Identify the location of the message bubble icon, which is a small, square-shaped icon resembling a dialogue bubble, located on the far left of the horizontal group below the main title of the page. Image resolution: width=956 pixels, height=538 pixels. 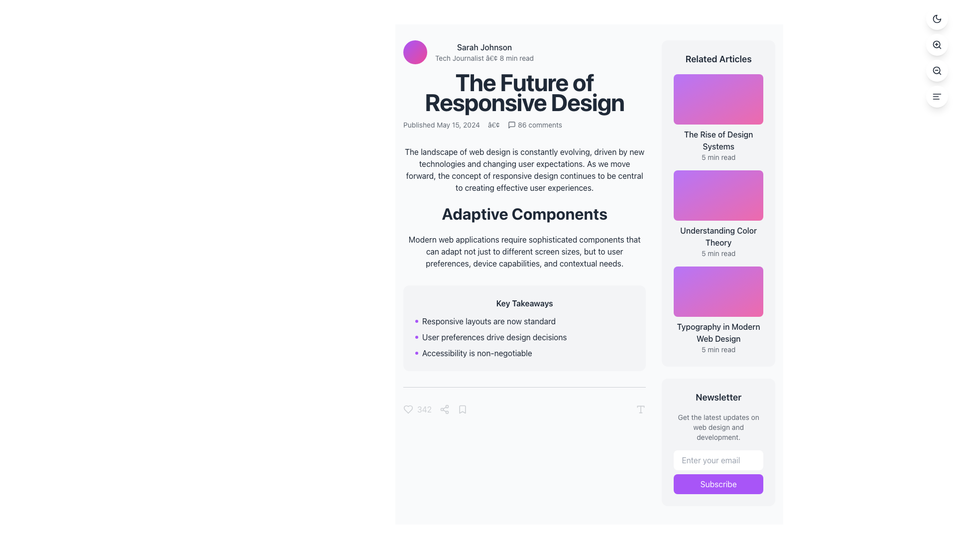
(511, 124).